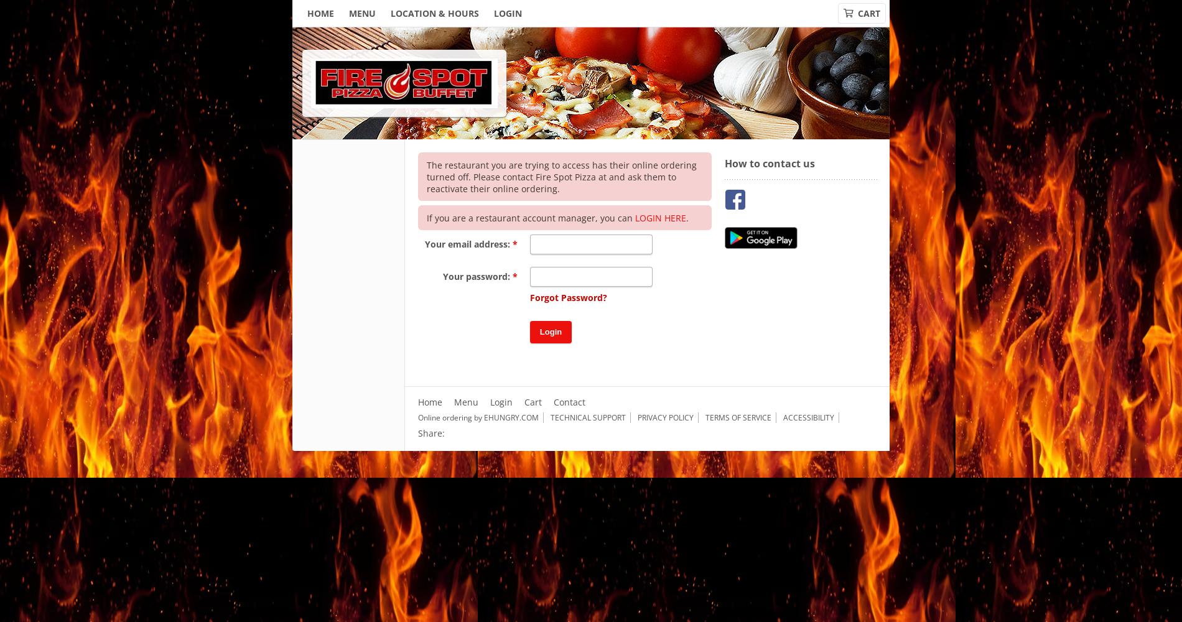 The width and height of the screenshot is (1182, 622). I want to click on 'Share:', so click(432, 432).